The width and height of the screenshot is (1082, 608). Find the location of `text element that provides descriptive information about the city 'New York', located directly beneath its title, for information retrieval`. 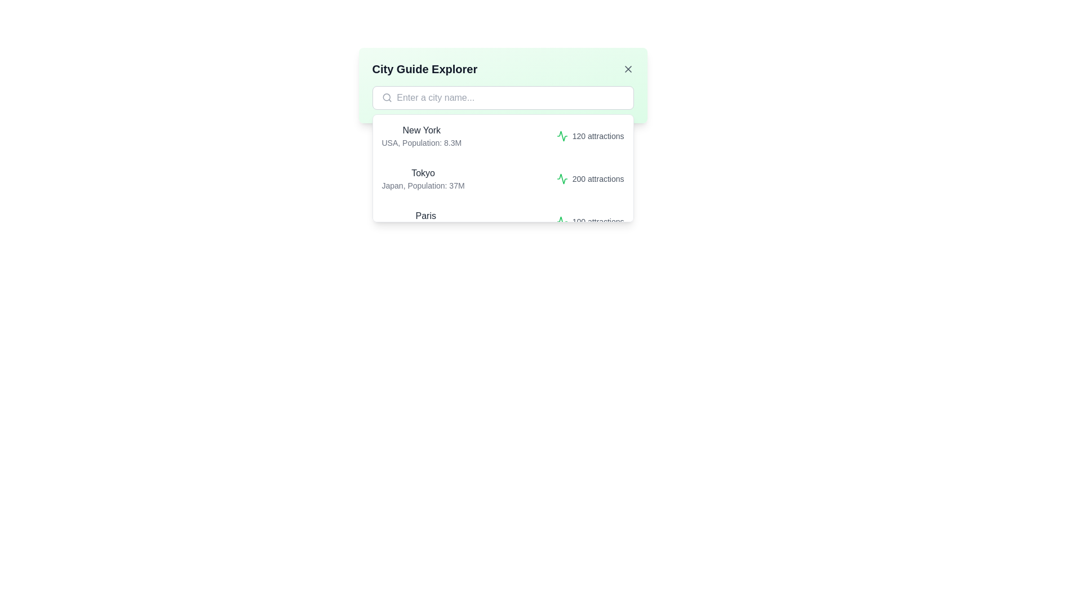

text element that provides descriptive information about the city 'New York', located directly beneath its title, for information retrieval is located at coordinates (421, 142).